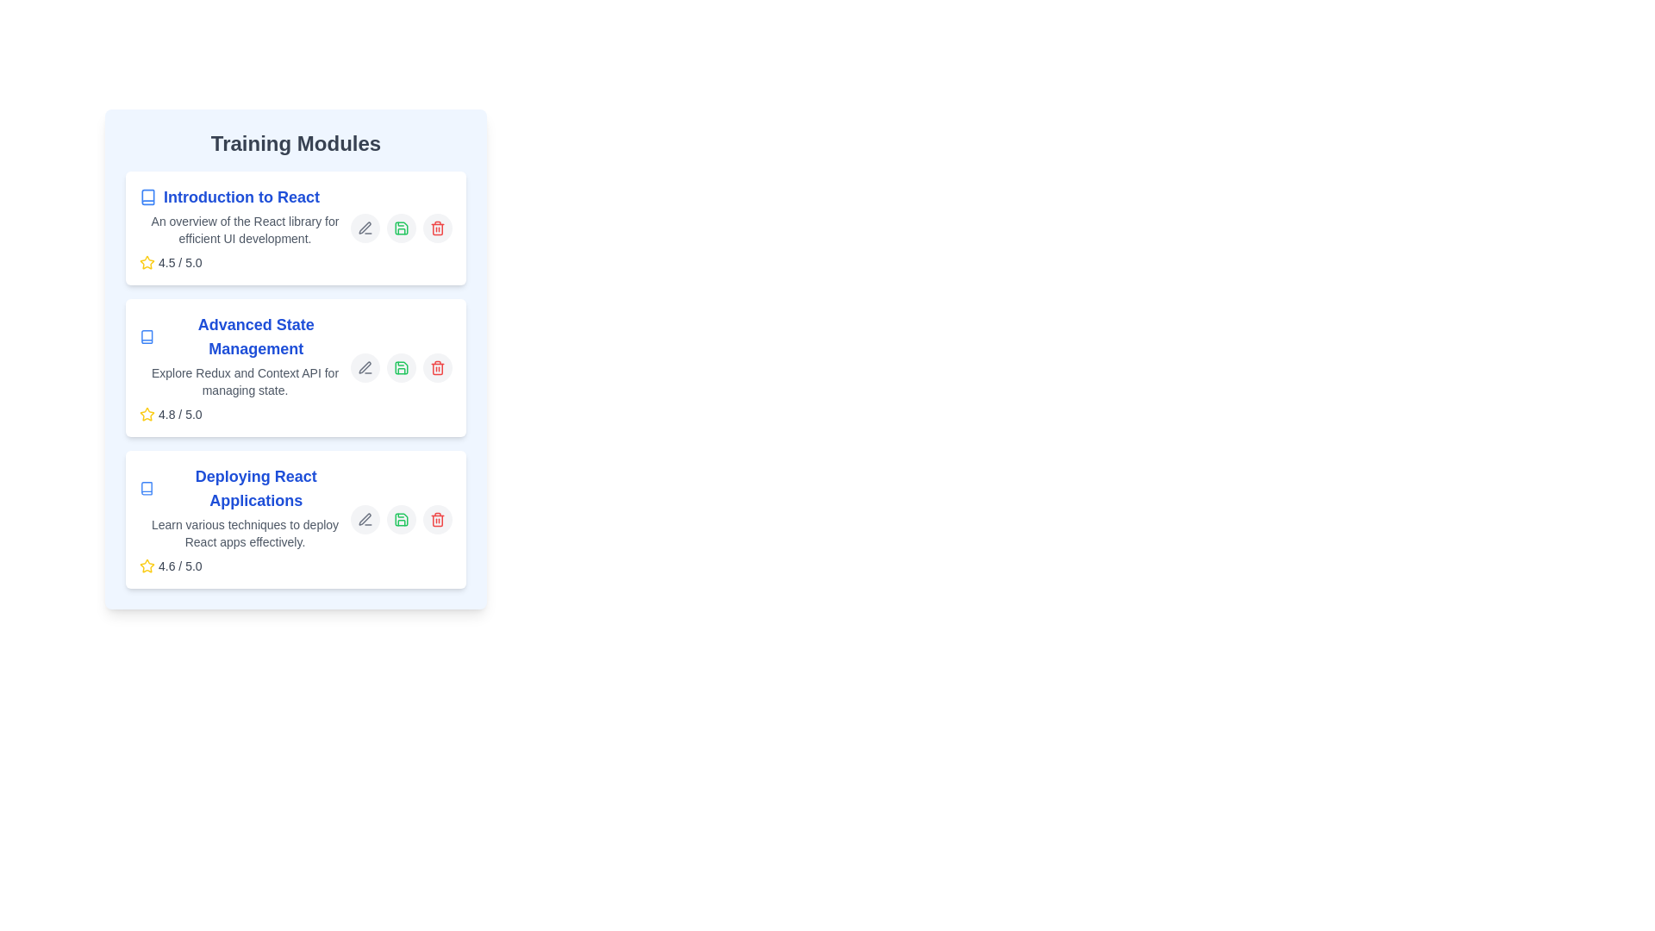  What do you see at coordinates (244, 196) in the screenshot?
I see `the Text label that serves as the title for the training module 'Introduction to React', which is located at the top of the module's description block` at bounding box center [244, 196].